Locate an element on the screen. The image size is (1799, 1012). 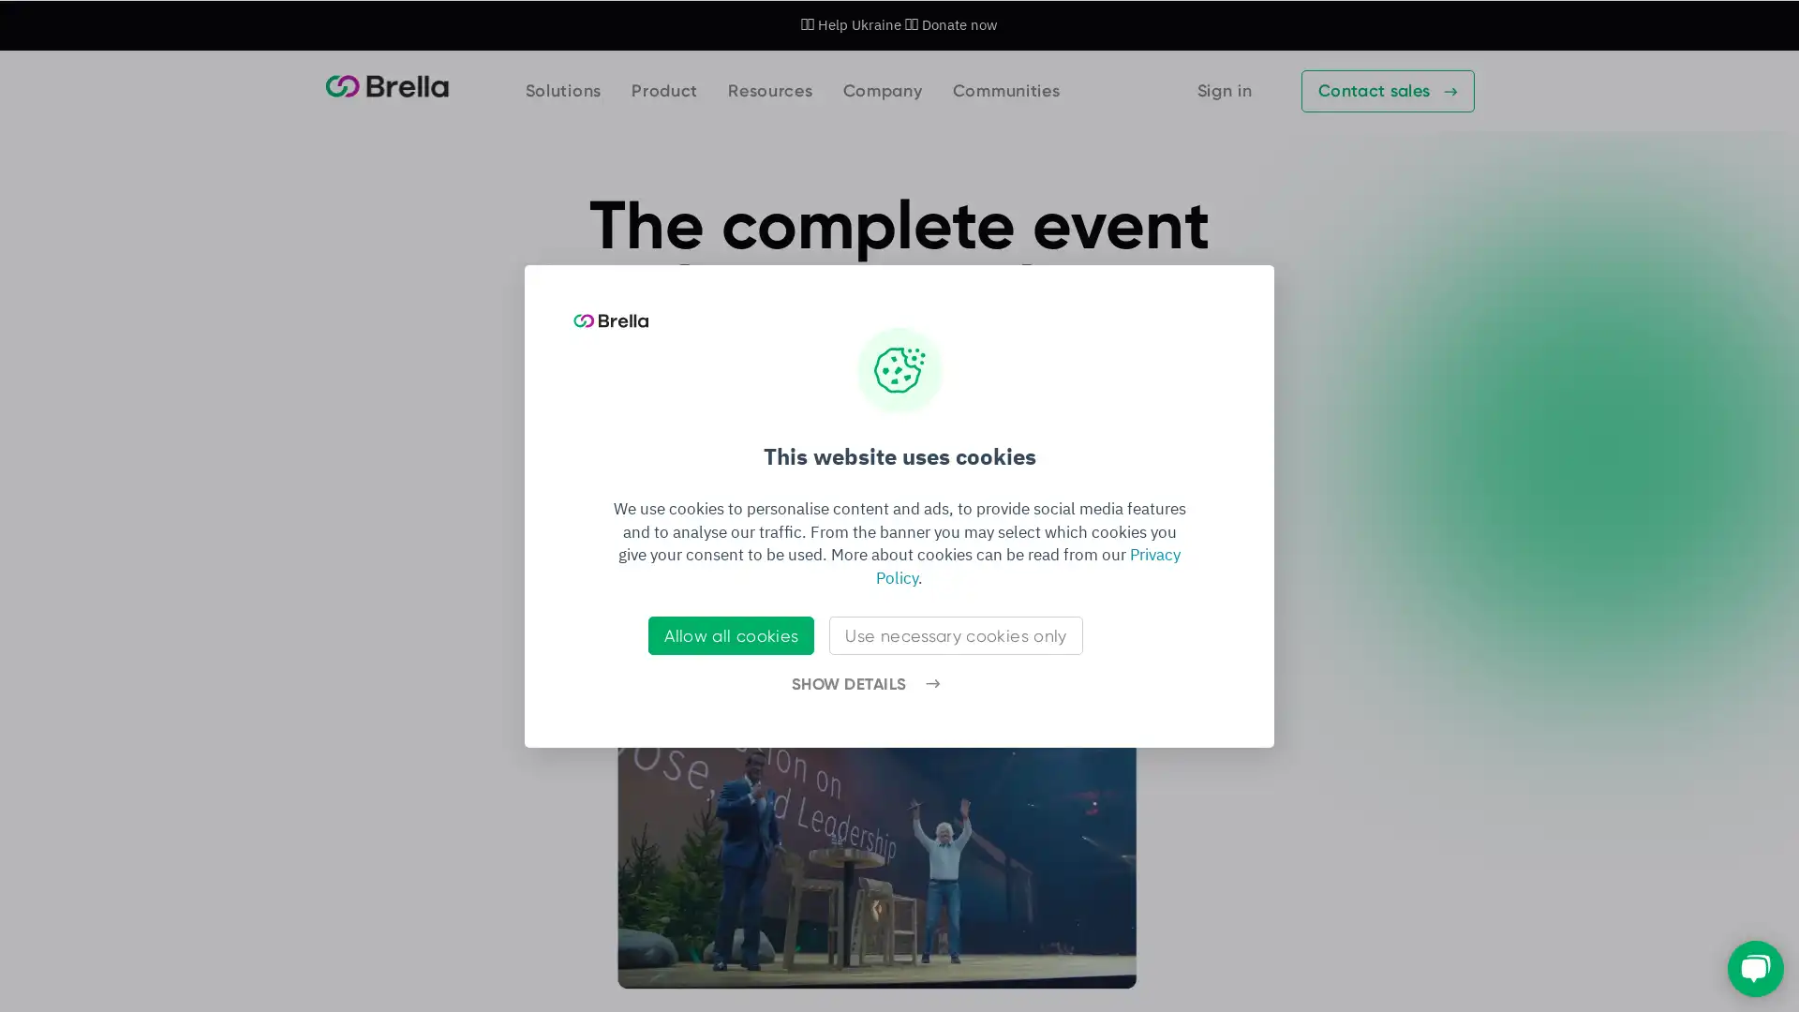
Allow all cookies is located at coordinates (730, 634).